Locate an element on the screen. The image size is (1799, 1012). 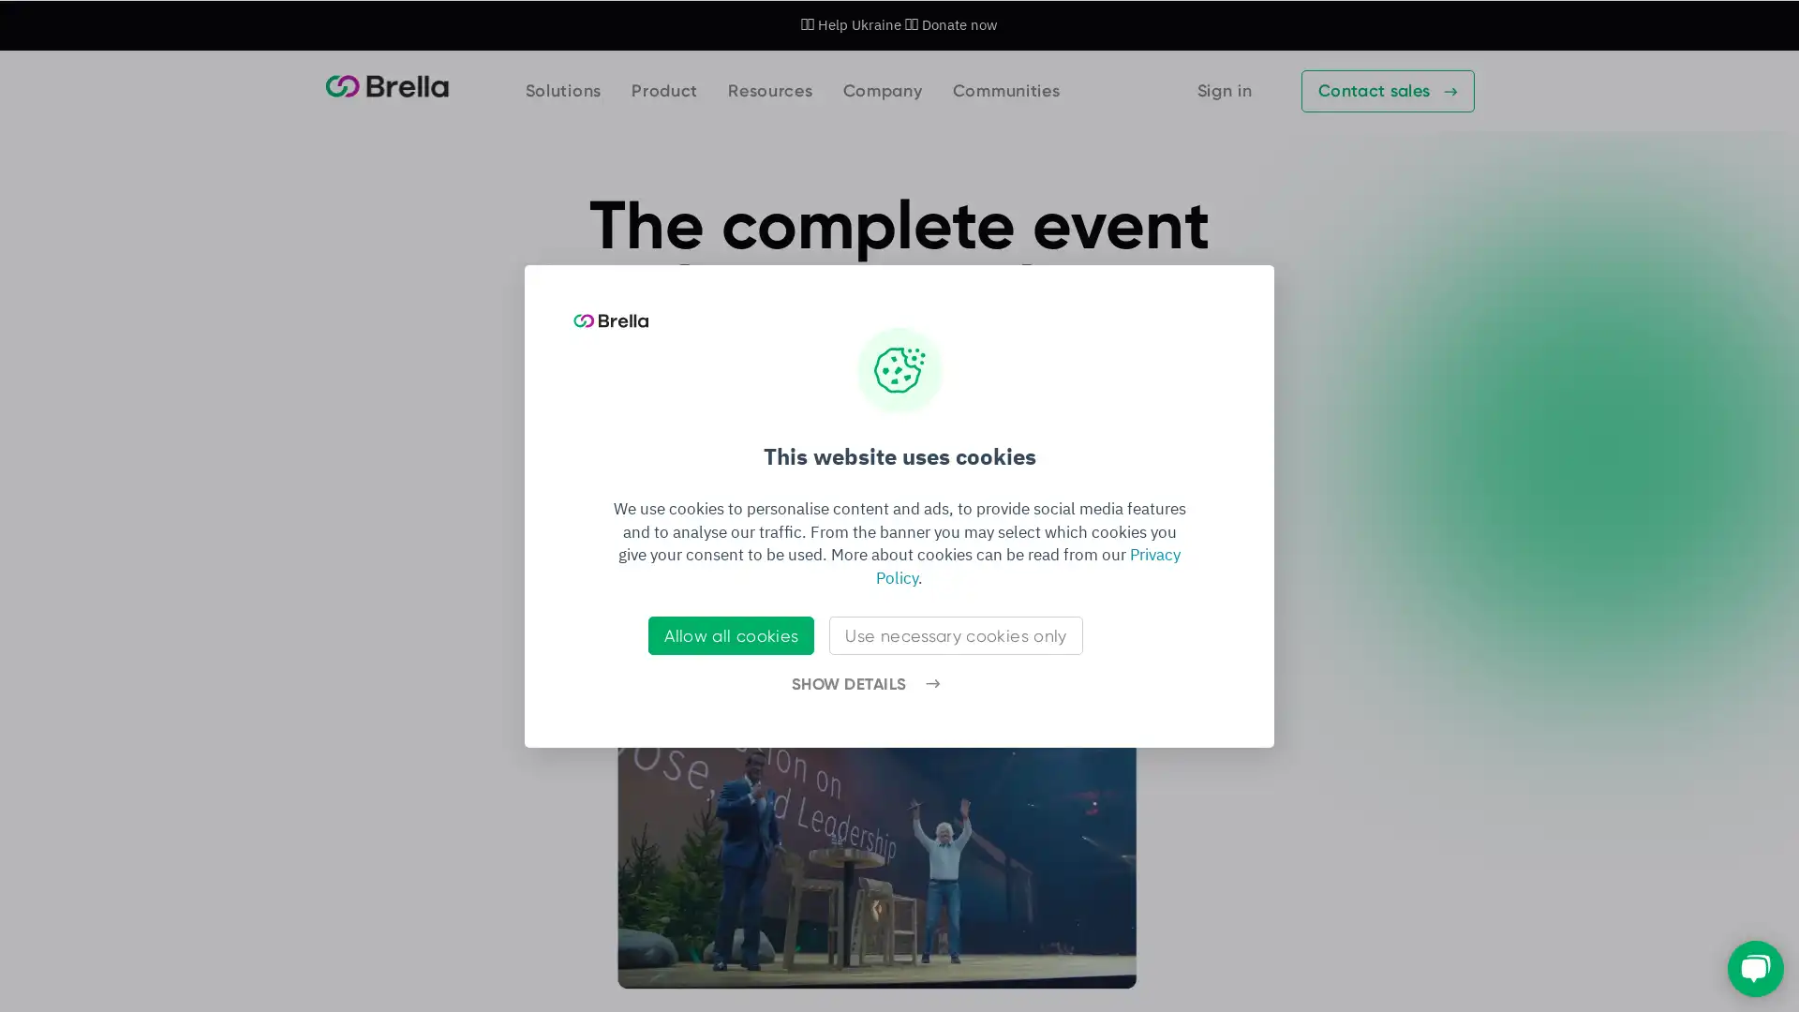
Allow all cookies is located at coordinates (730, 634).